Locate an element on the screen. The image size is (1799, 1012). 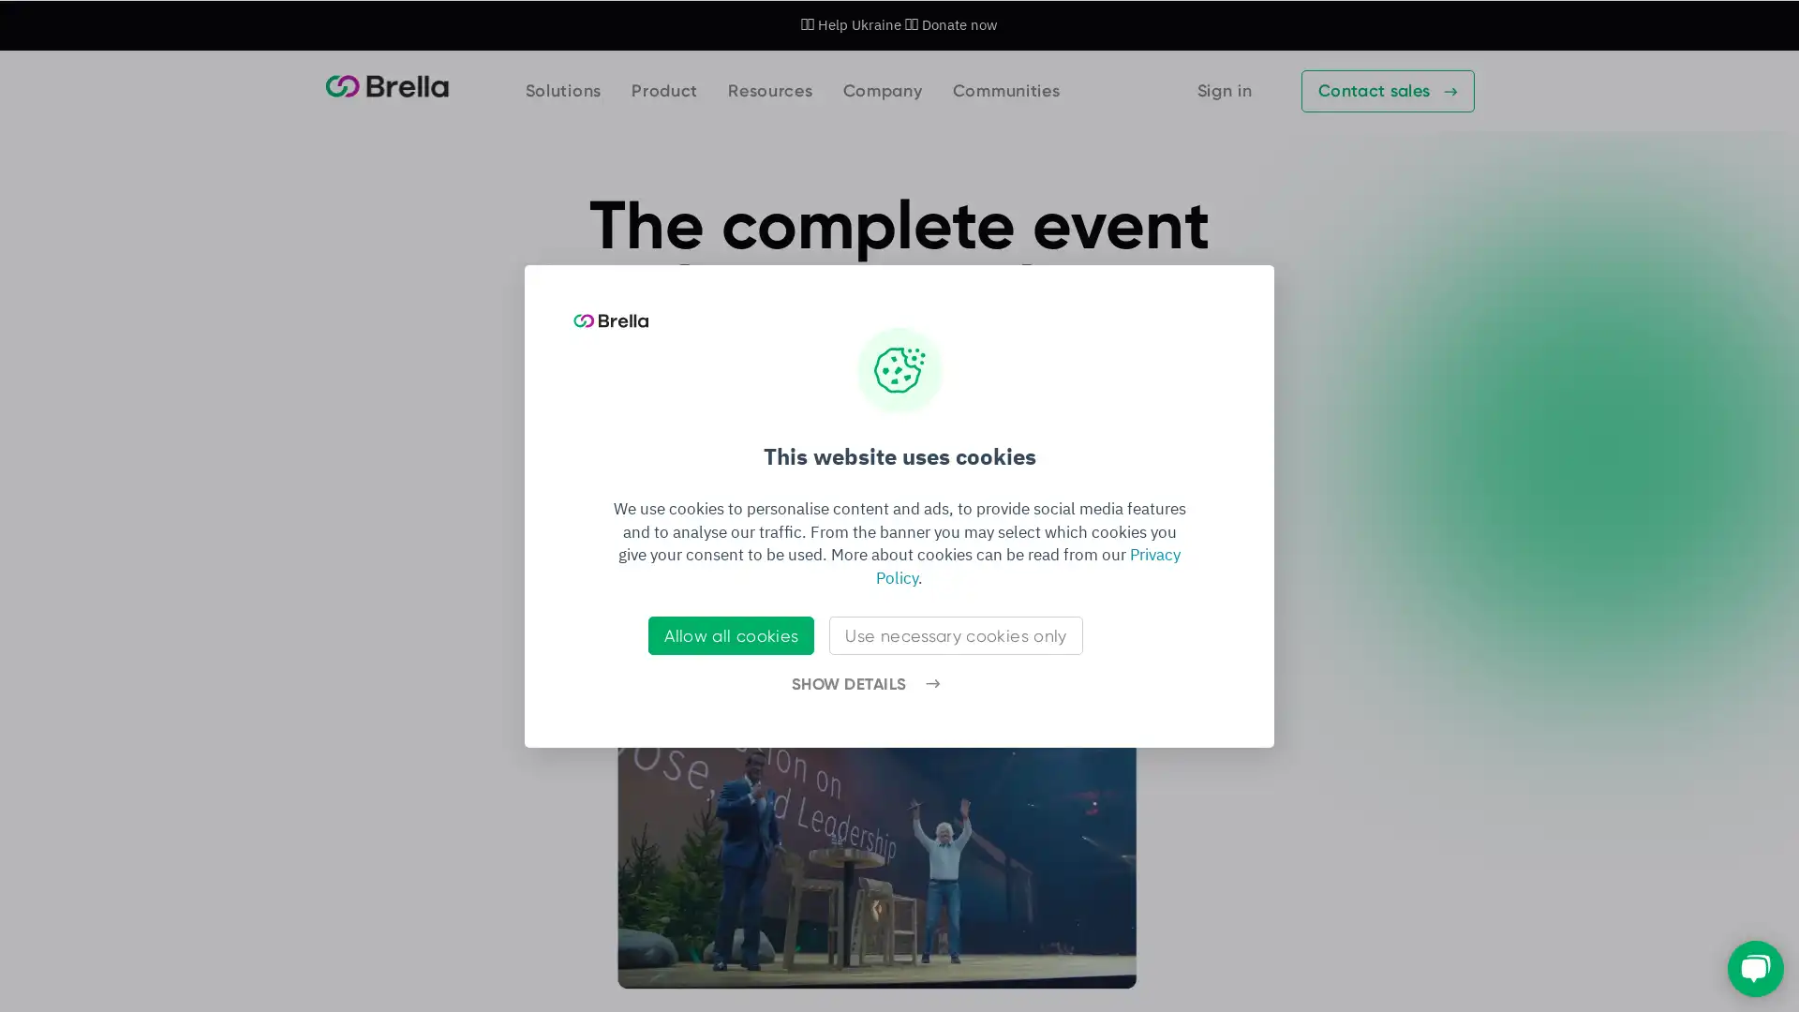
Allow all cookies is located at coordinates (730, 634).